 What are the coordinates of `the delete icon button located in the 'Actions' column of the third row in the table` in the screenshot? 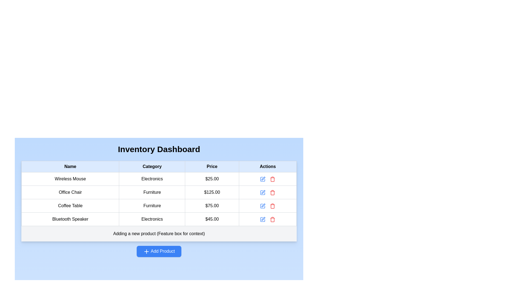 It's located at (273, 192).